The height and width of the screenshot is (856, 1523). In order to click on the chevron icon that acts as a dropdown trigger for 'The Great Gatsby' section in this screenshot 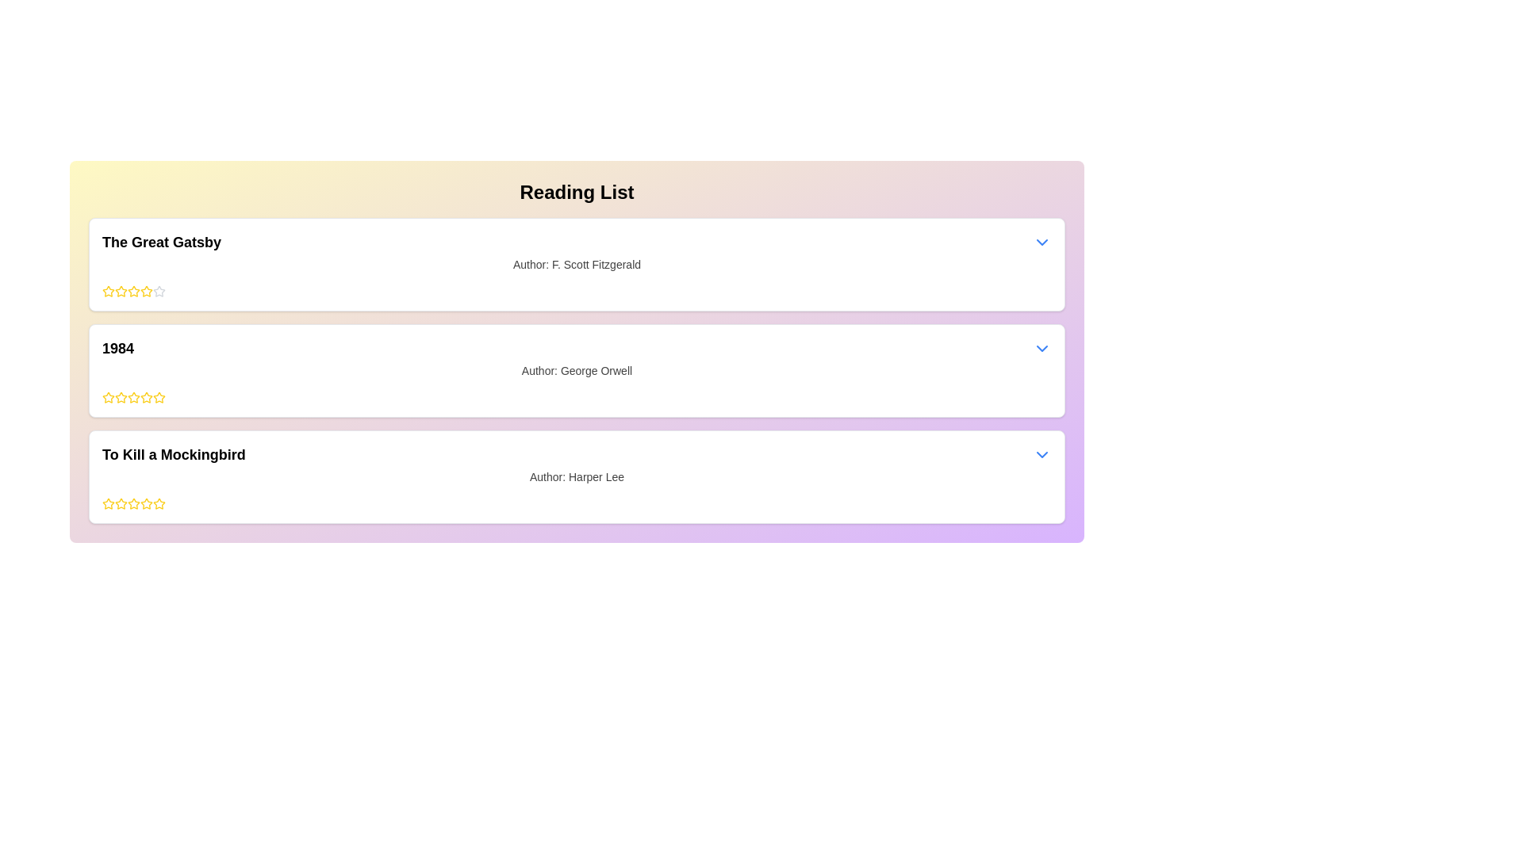, I will do `click(1042, 242)`.